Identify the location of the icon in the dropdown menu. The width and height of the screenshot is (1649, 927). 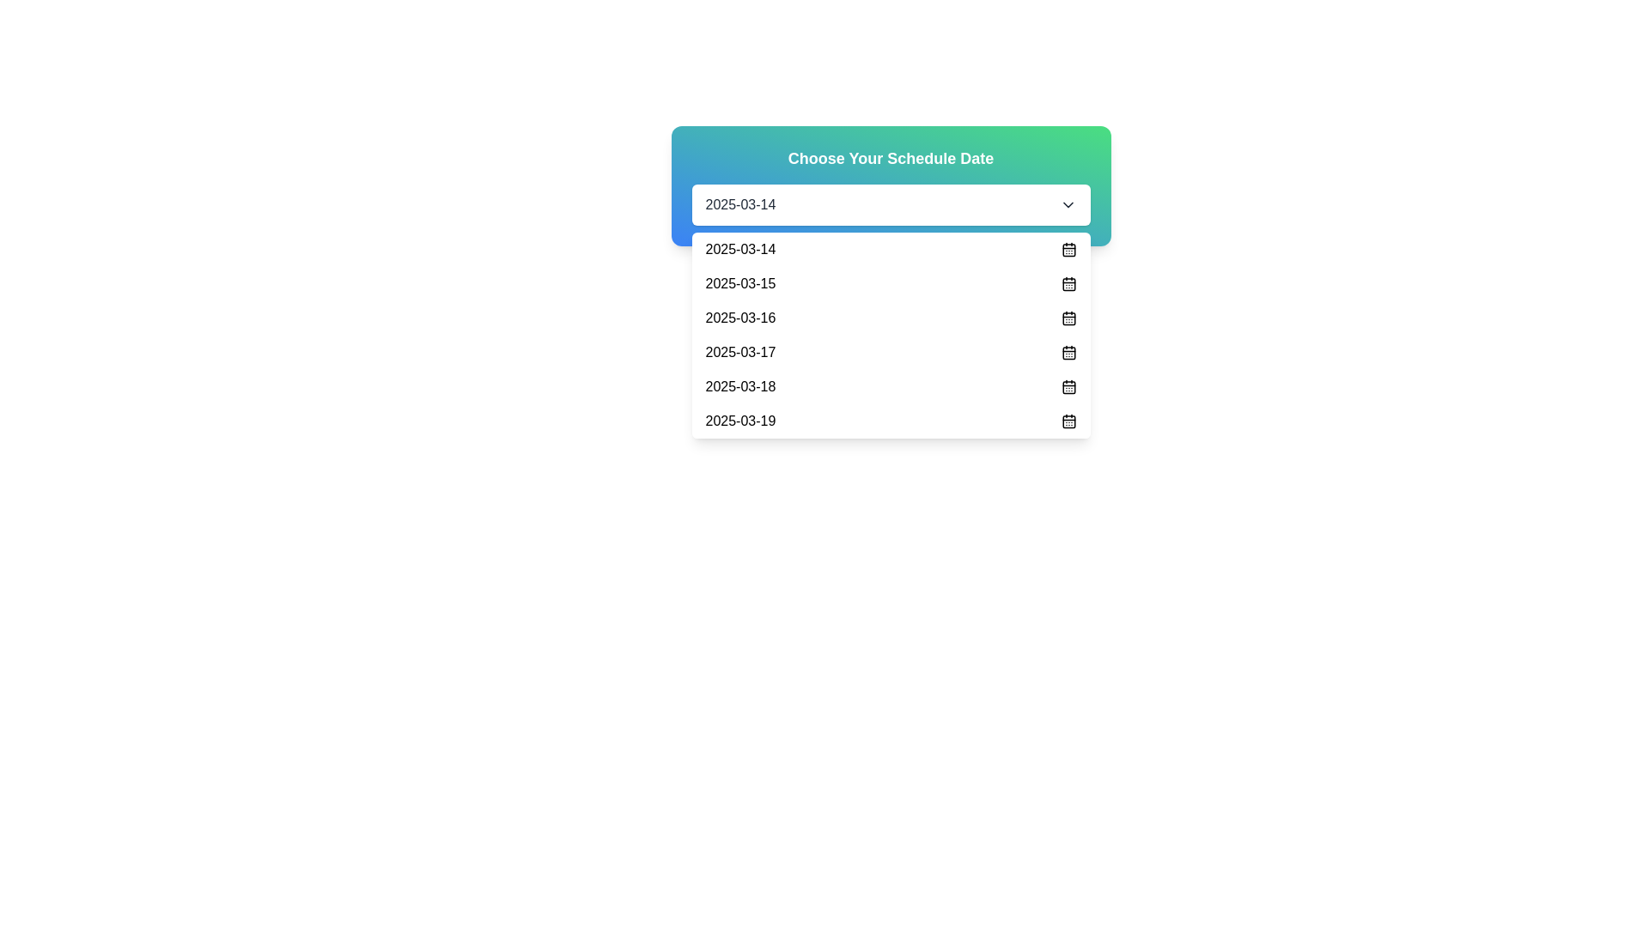
(1068, 283).